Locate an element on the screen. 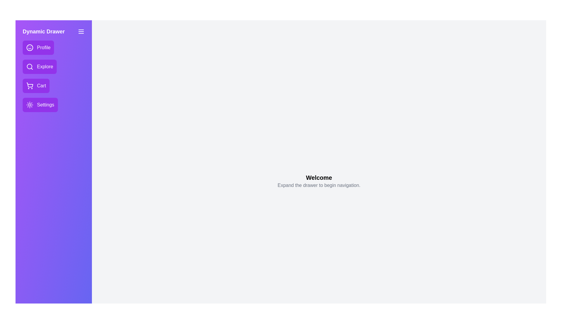 This screenshot has height=322, width=573. the navigation item Cart from the drawer is located at coordinates (36, 86).